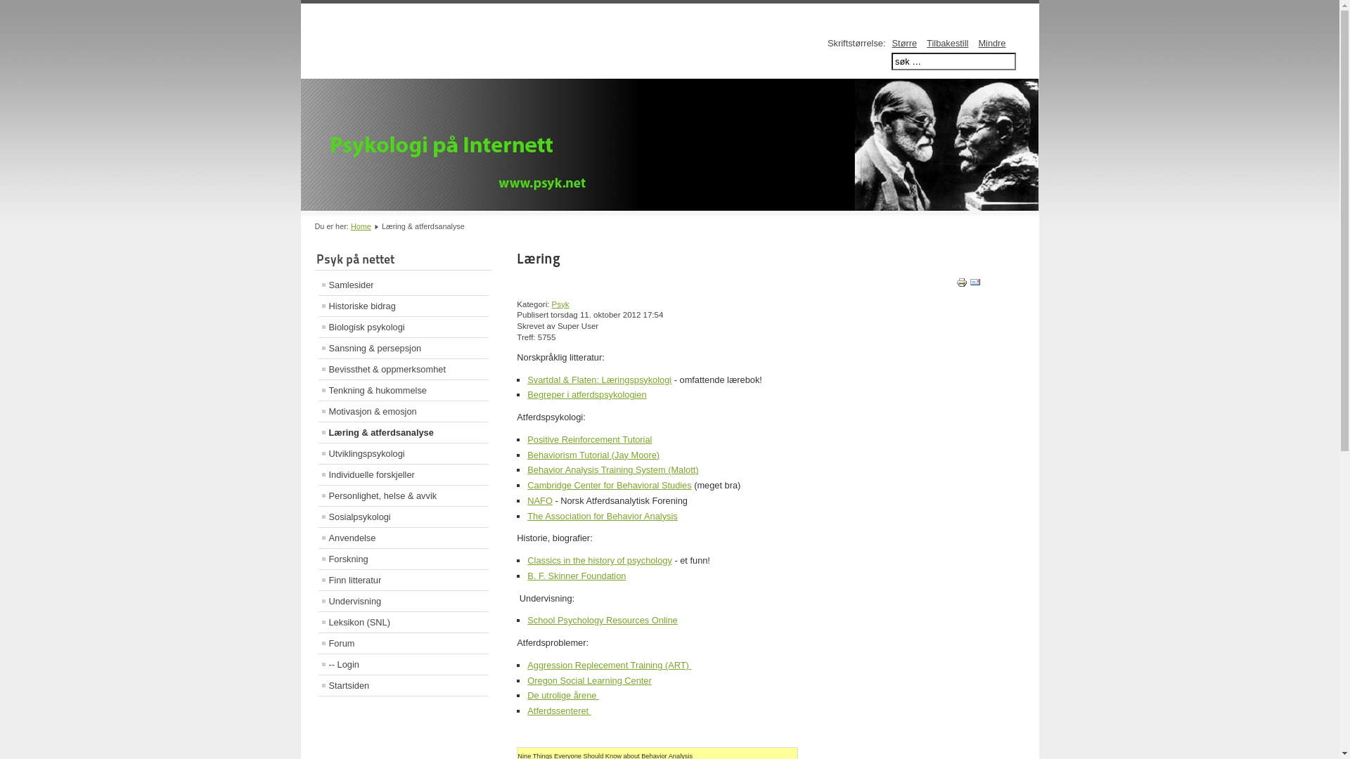 The width and height of the screenshot is (1350, 759). Describe the element at coordinates (602, 516) in the screenshot. I see `'The Association for Behavior Analysis'` at that location.